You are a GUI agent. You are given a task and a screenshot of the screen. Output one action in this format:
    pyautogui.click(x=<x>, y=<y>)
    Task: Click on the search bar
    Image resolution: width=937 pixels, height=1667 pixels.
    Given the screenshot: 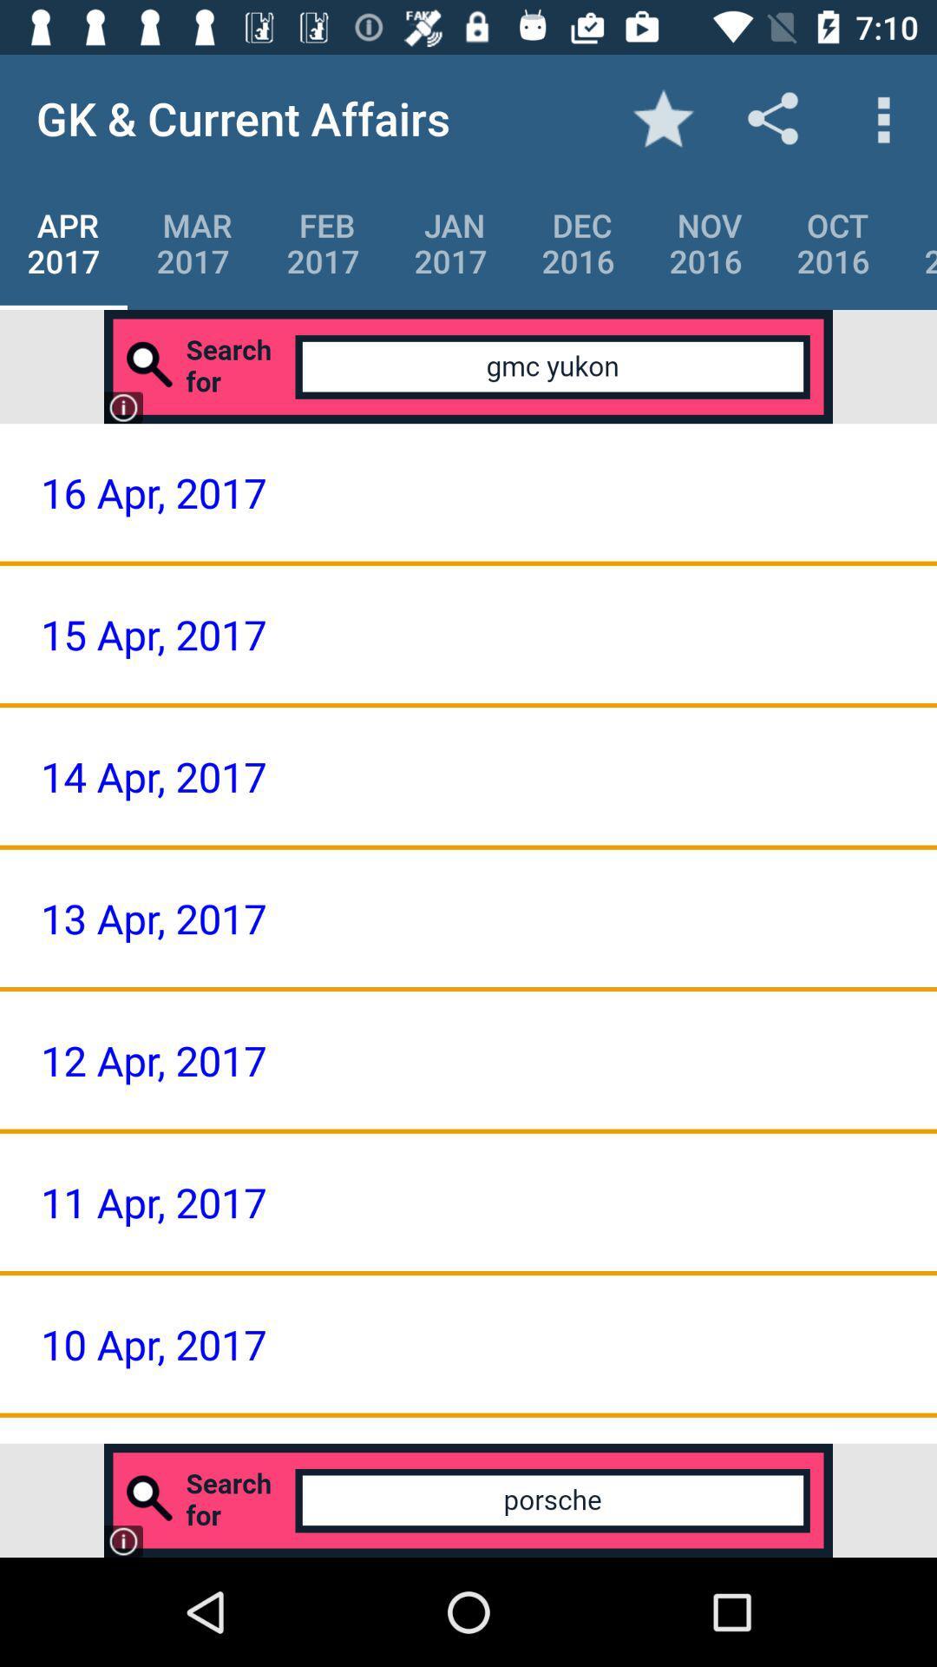 What is the action you would take?
    pyautogui.click(x=468, y=366)
    